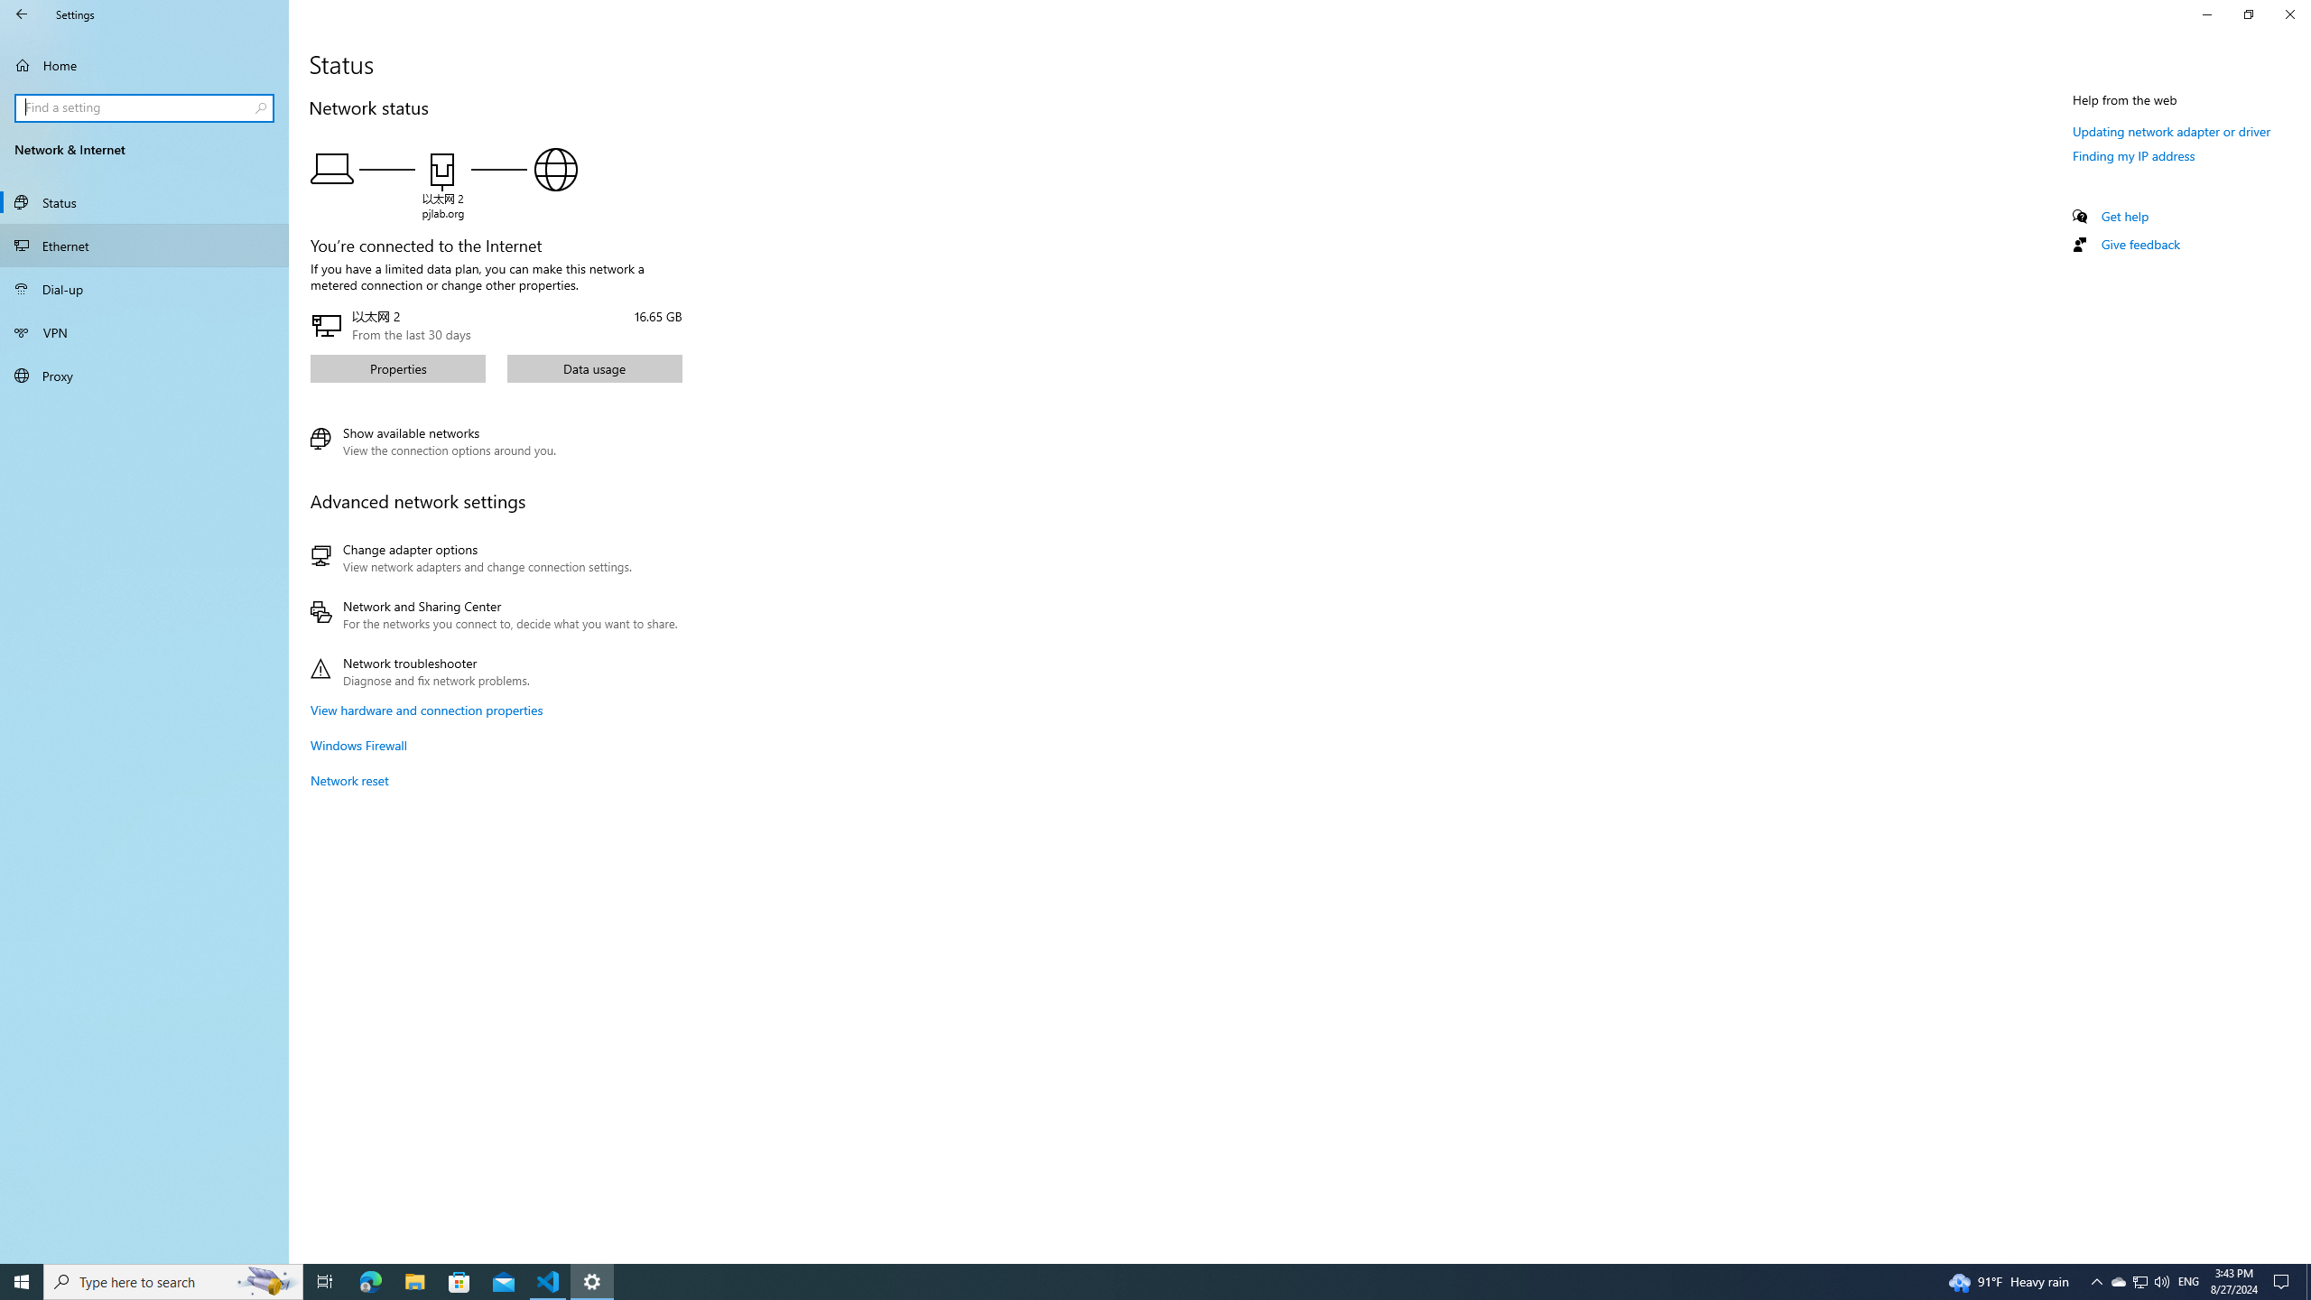  What do you see at coordinates (2171, 131) in the screenshot?
I see `'Updating network adapter or driver'` at bounding box center [2171, 131].